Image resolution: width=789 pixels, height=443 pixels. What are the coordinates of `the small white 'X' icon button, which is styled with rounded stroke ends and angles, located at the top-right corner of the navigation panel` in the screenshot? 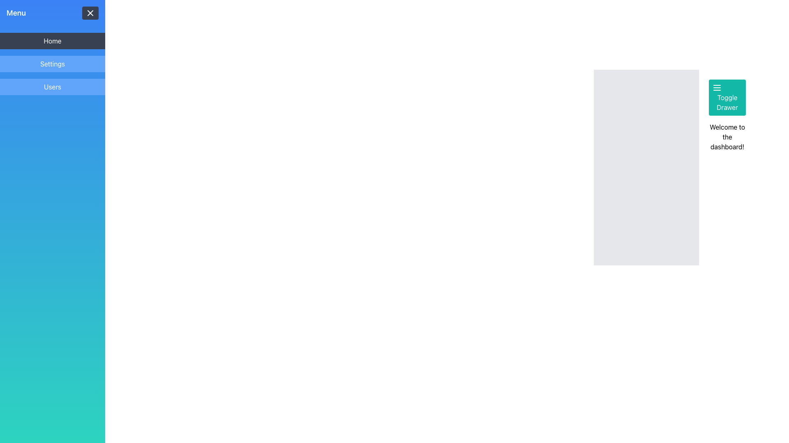 It's located at (90, 13).